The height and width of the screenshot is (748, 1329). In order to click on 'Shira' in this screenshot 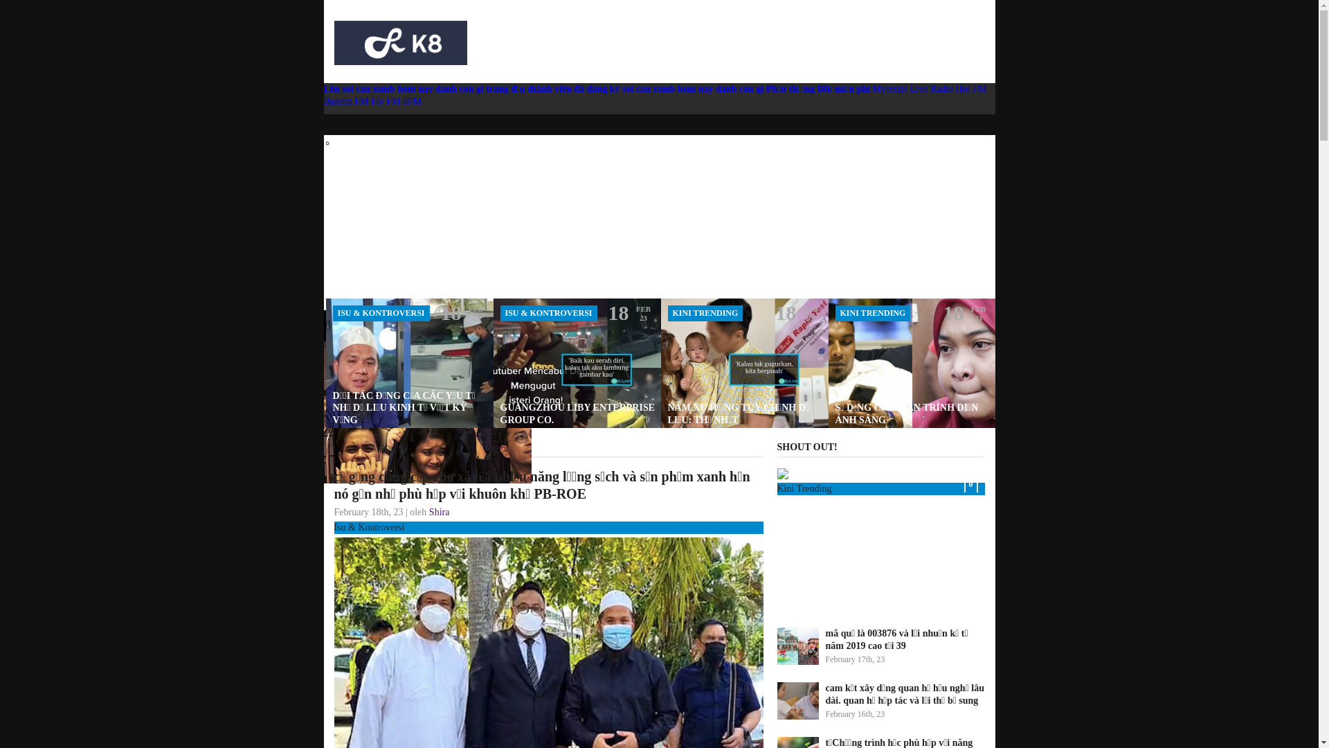, I will do `click(438, 512)`.